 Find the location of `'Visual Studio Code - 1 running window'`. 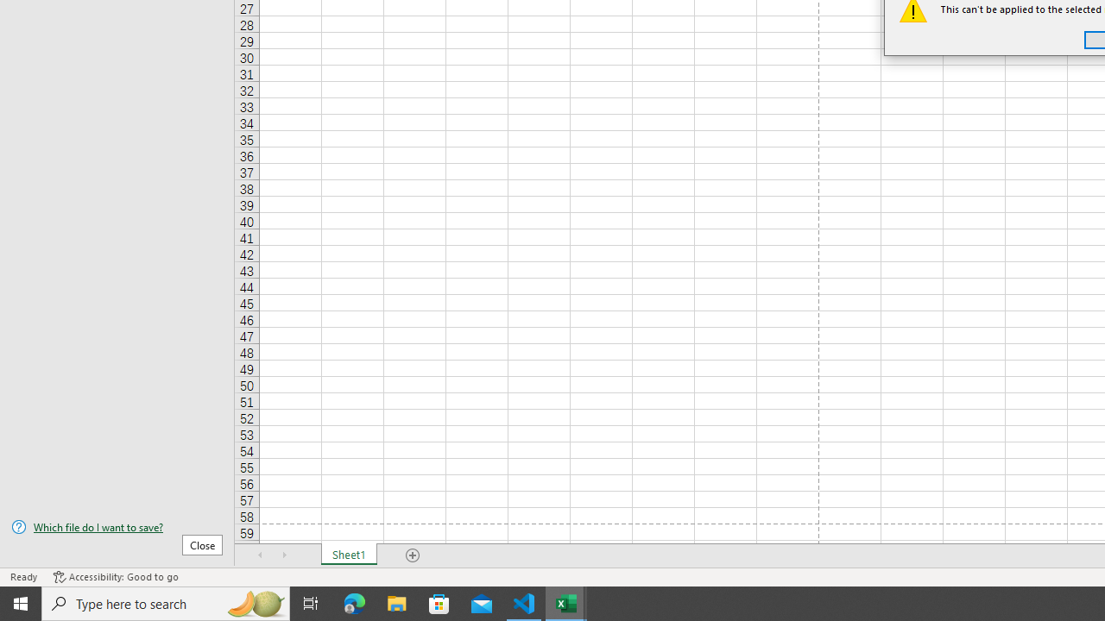

'Visual Studio Code - 1 running window' is located at coordinates (523, 602).